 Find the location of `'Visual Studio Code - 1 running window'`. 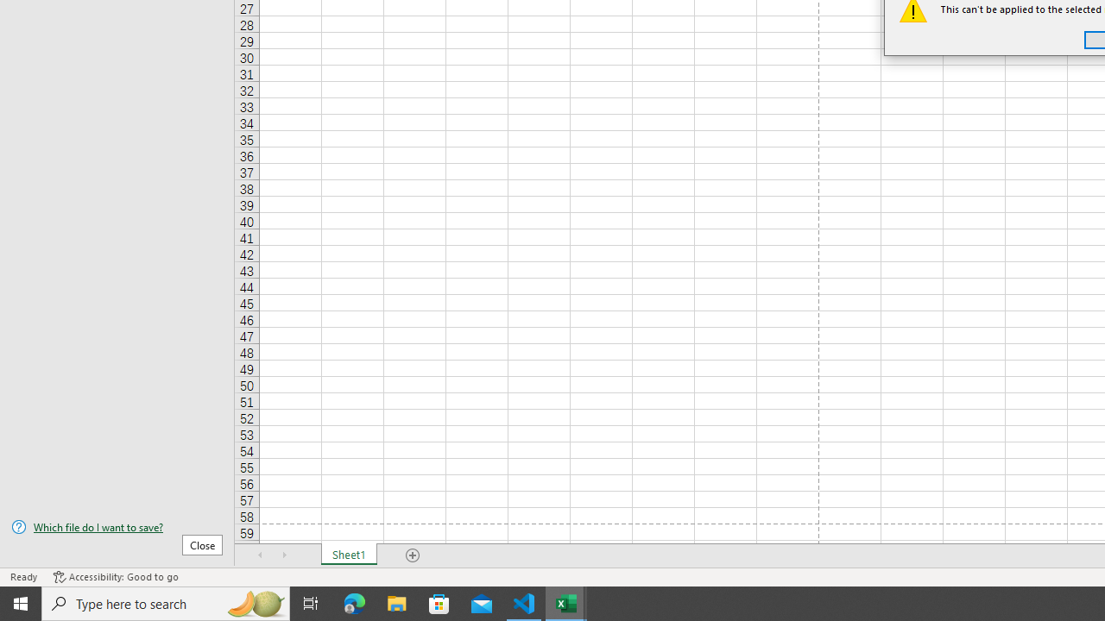

'Visual Studio Code - 1 running window' is located at coordinates (523, 602).